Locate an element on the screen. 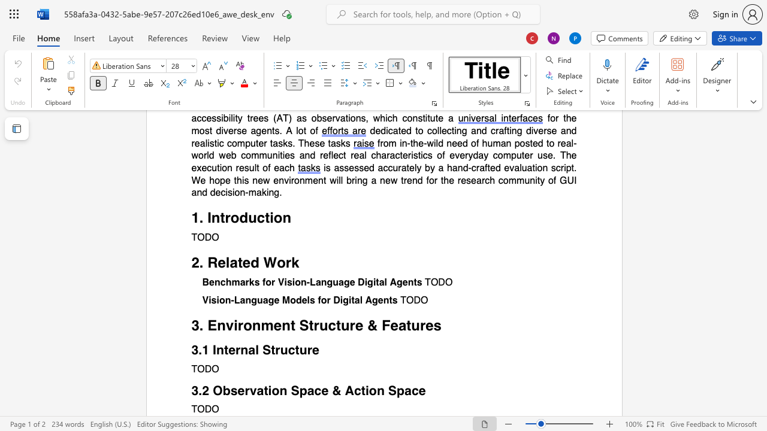 Image resolution: width=767 pixels, height=431 pixels. the subset text "ronment Struc" within the text "3. Environment Structure & Features" is located at coordinates (237, 326).